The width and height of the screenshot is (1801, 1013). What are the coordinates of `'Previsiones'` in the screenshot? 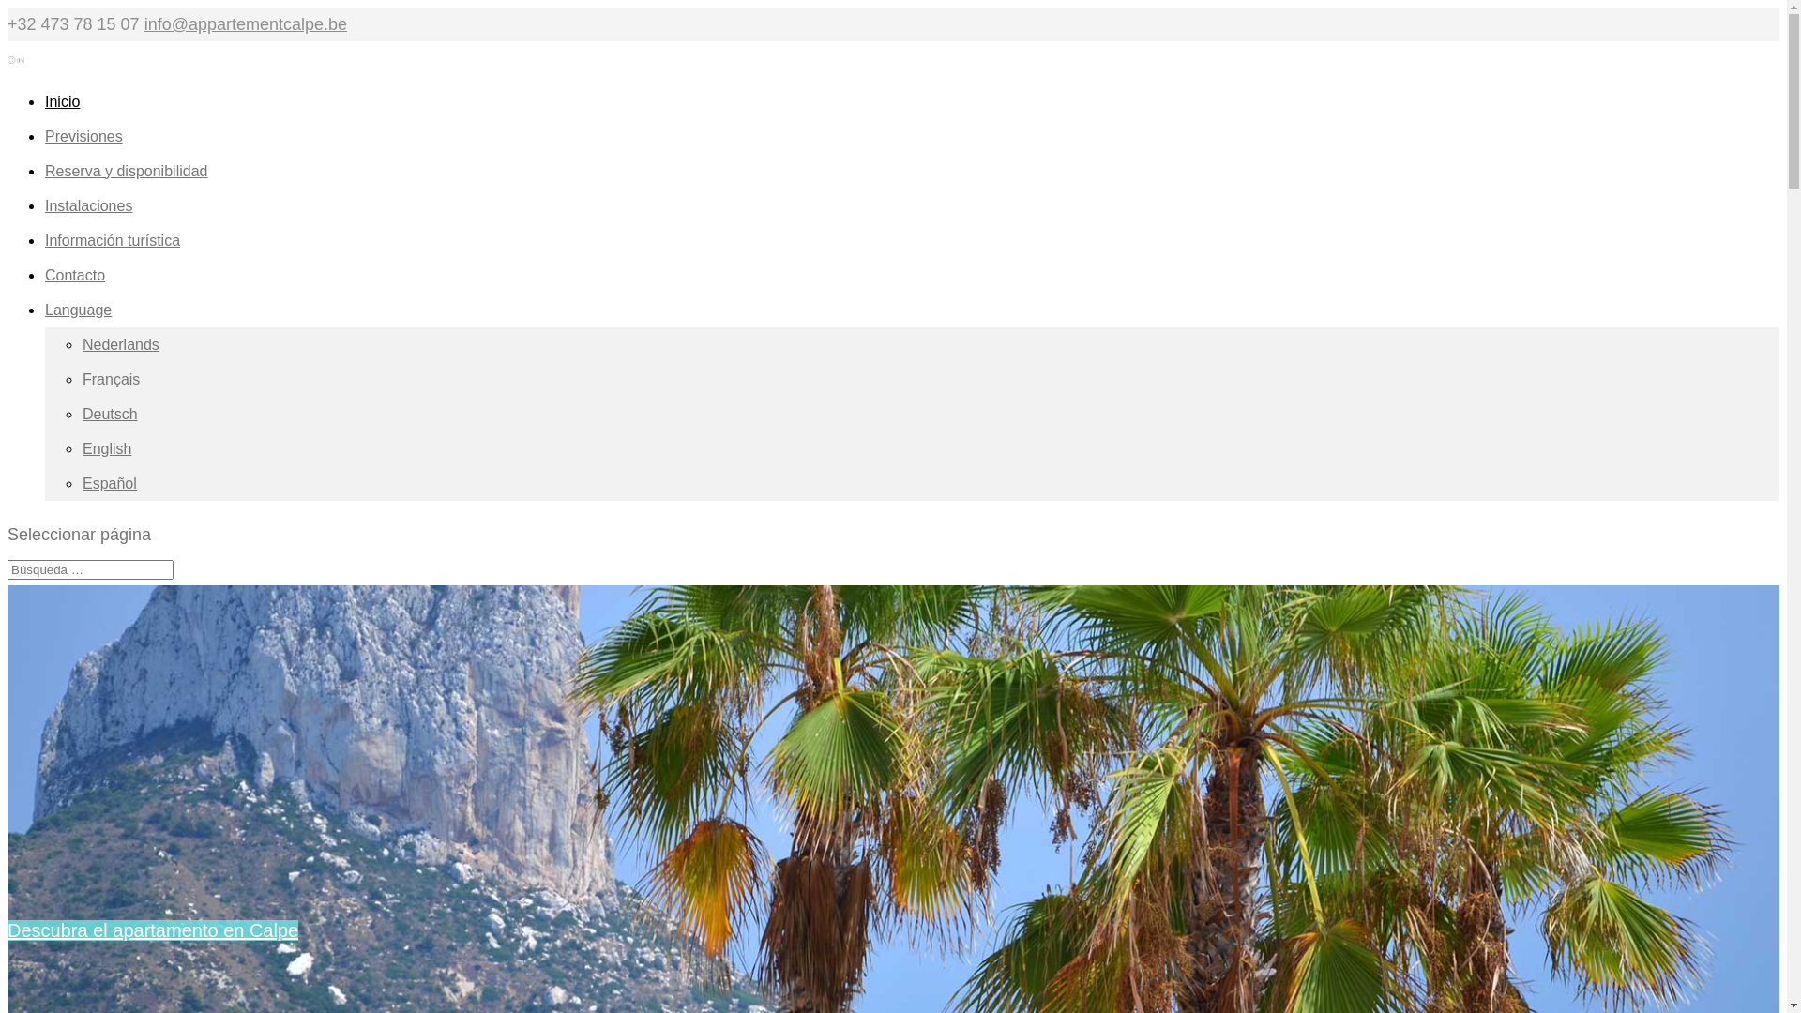 It's located at (83, 148).